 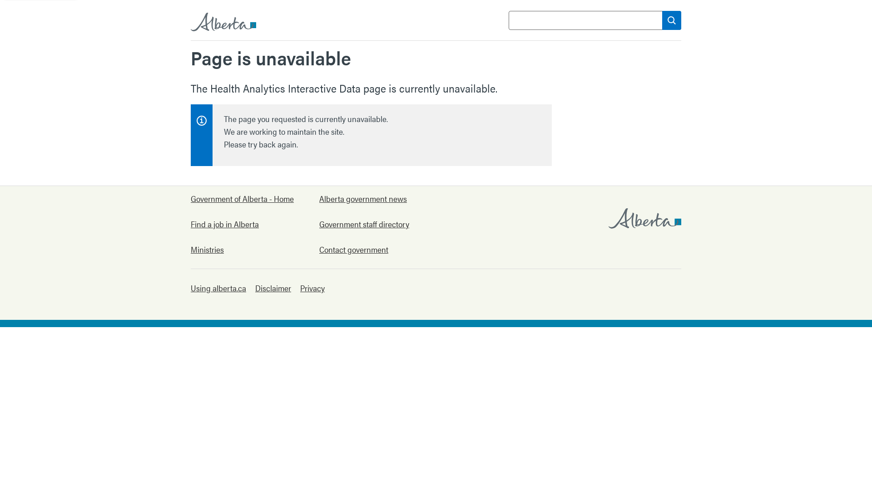 What do you see at coordinates (371, 224) in the screenshot?
I see `'Government staff directory'` at bounding box center [371, 224].